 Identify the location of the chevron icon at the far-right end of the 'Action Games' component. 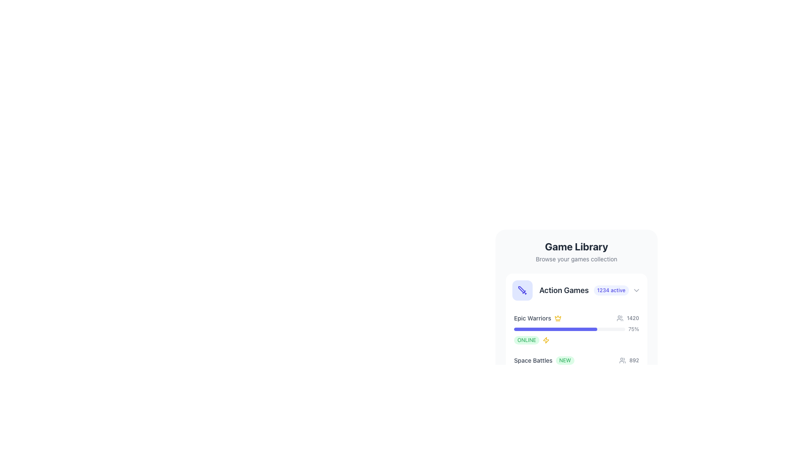
(637, 290).